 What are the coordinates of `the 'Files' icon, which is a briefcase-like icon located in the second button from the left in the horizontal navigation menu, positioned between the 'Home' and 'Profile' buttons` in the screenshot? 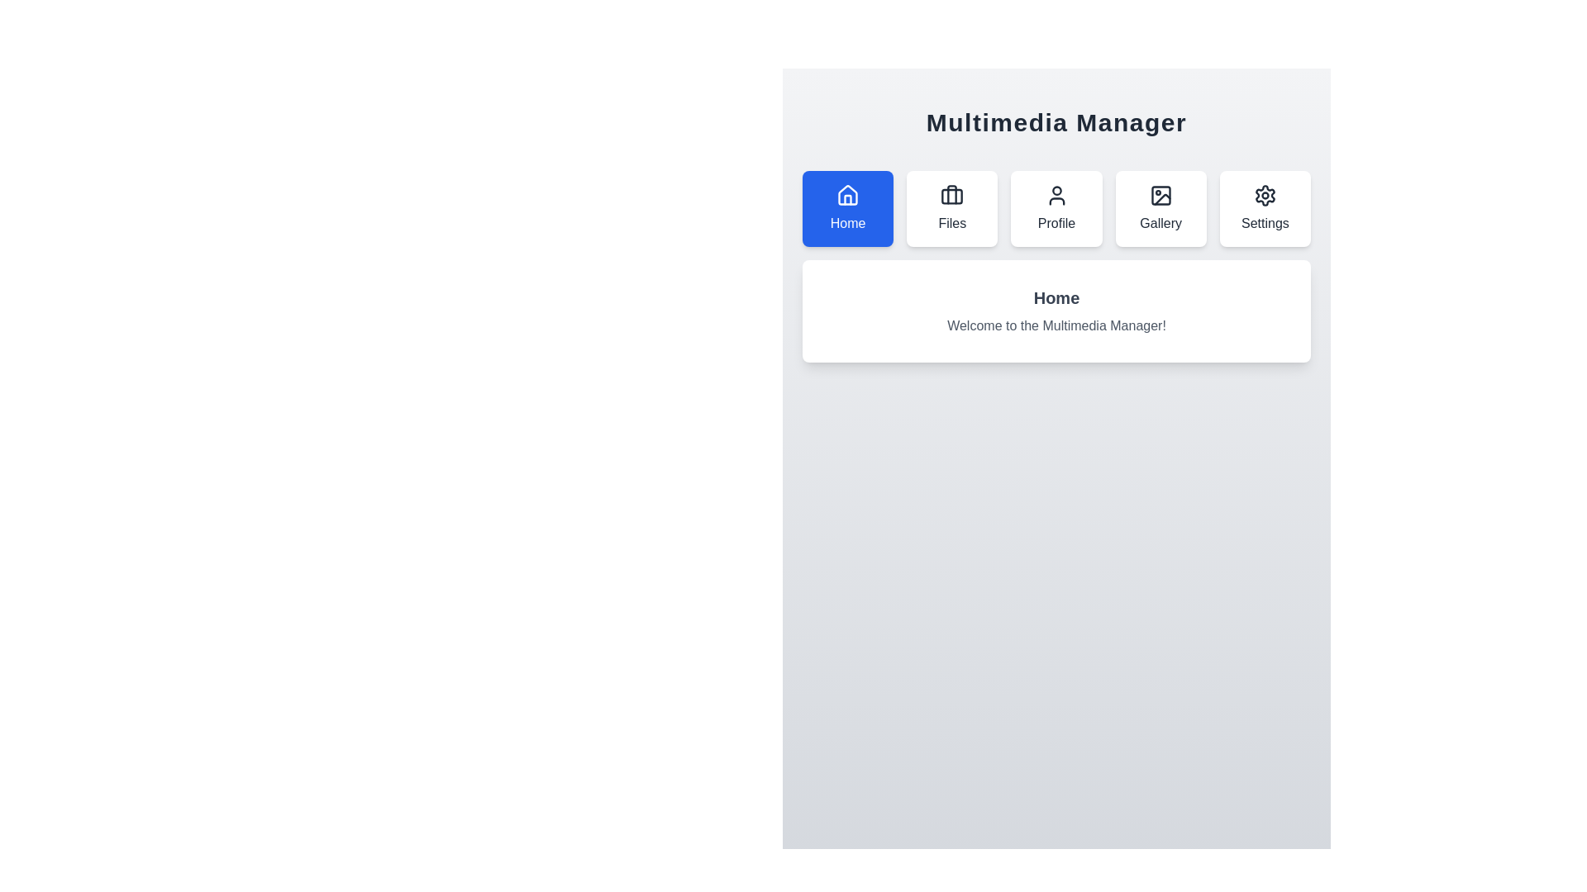 It's located at (952, 194).